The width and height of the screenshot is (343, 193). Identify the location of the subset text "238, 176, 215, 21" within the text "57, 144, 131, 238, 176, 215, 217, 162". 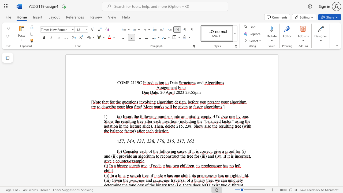
(147, 141).